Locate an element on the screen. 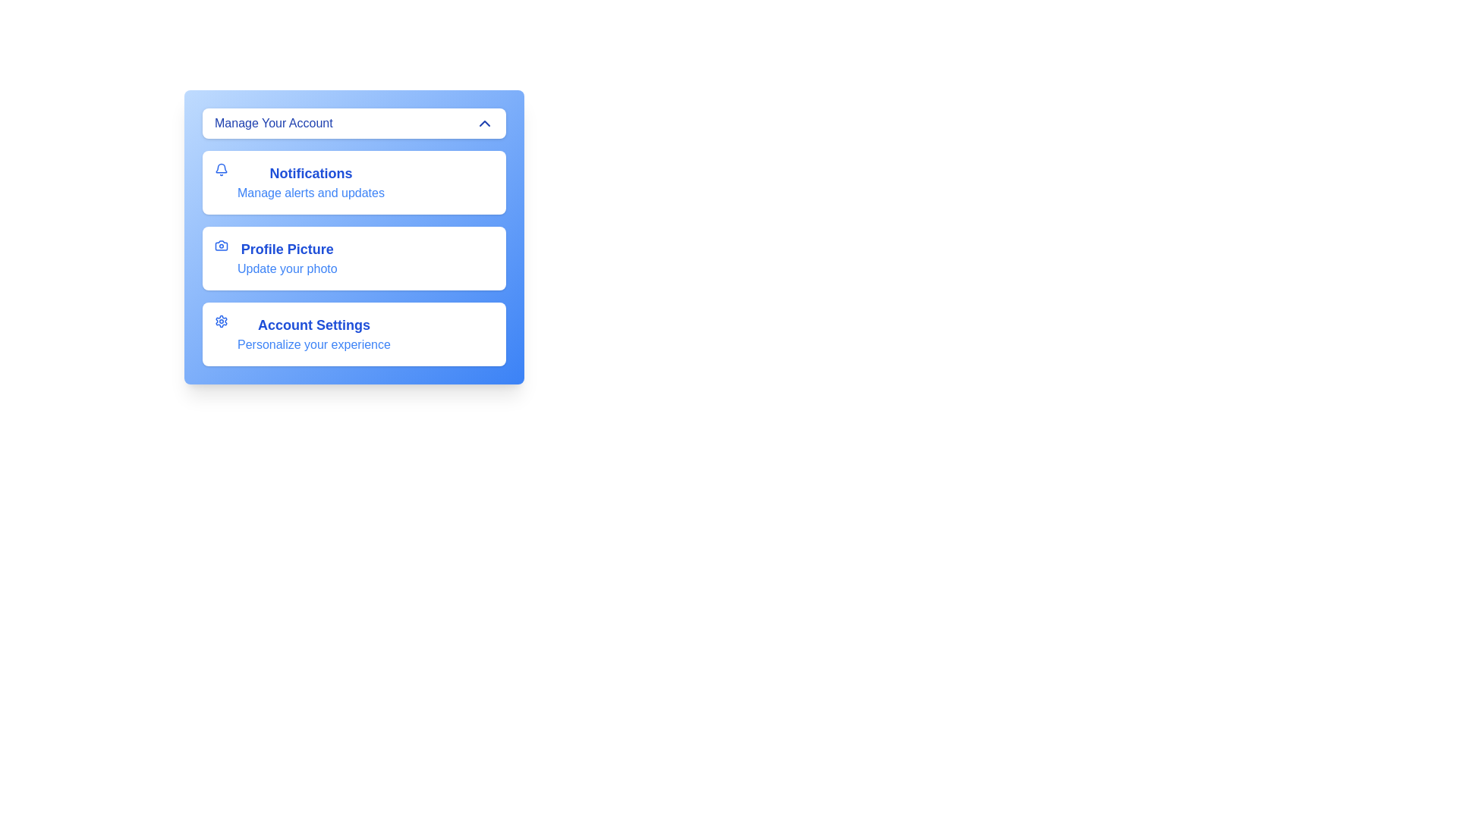 This screenshot has width=1457, height=819. the 'Manage Your Account' button to toggle the menu visibility is located at coordinates (353, 122).